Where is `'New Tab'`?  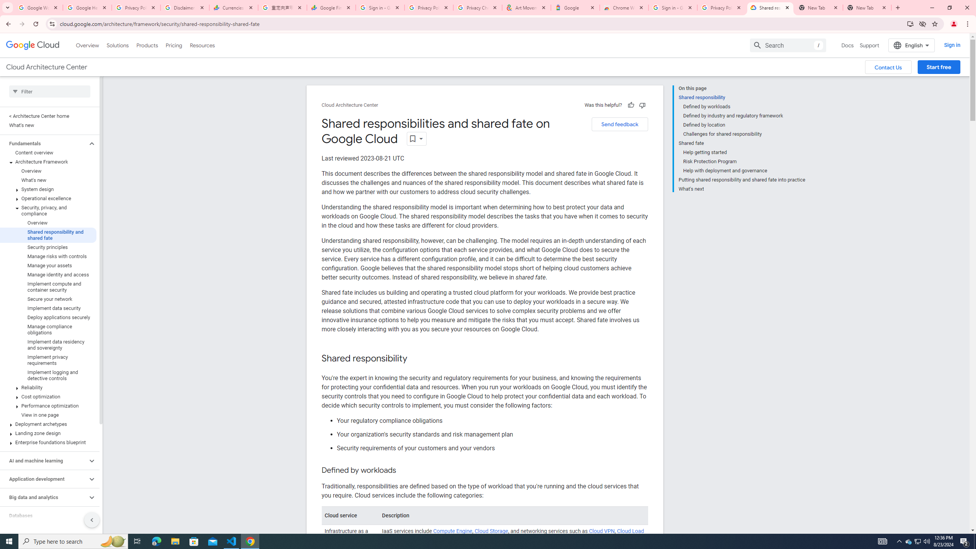
'New Tab' is located at coordinates (867, 7).